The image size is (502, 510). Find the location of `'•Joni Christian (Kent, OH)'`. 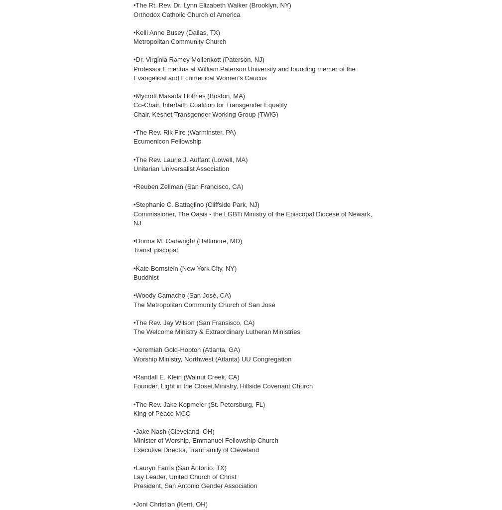

'•Joni Christian (Kent, OH)' is located at coordinates (170, 503).